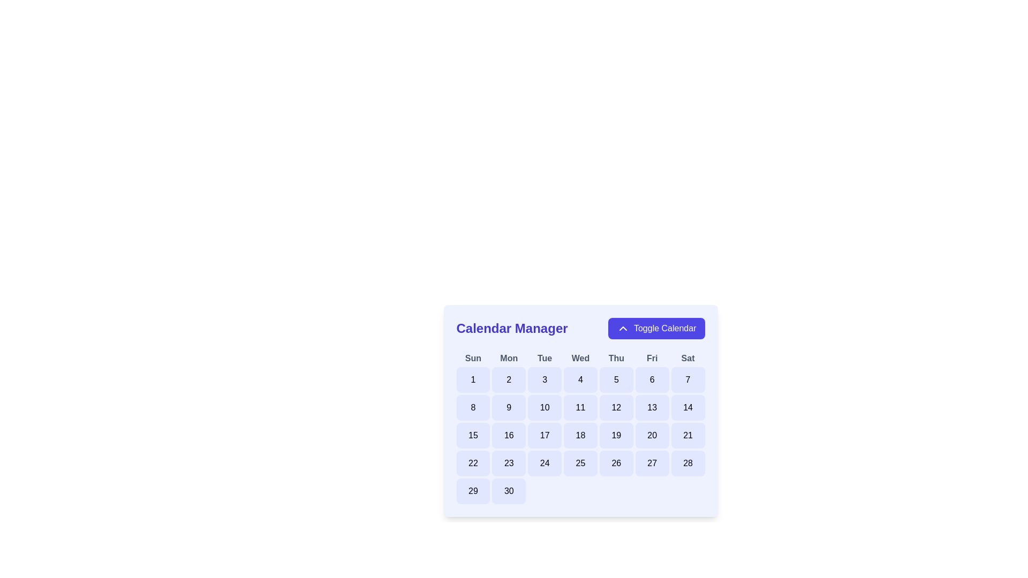 The image size is (1028, 578). I want to click on the selectable date button representing the 22nd day in the calendar interface, so click(472, 463).